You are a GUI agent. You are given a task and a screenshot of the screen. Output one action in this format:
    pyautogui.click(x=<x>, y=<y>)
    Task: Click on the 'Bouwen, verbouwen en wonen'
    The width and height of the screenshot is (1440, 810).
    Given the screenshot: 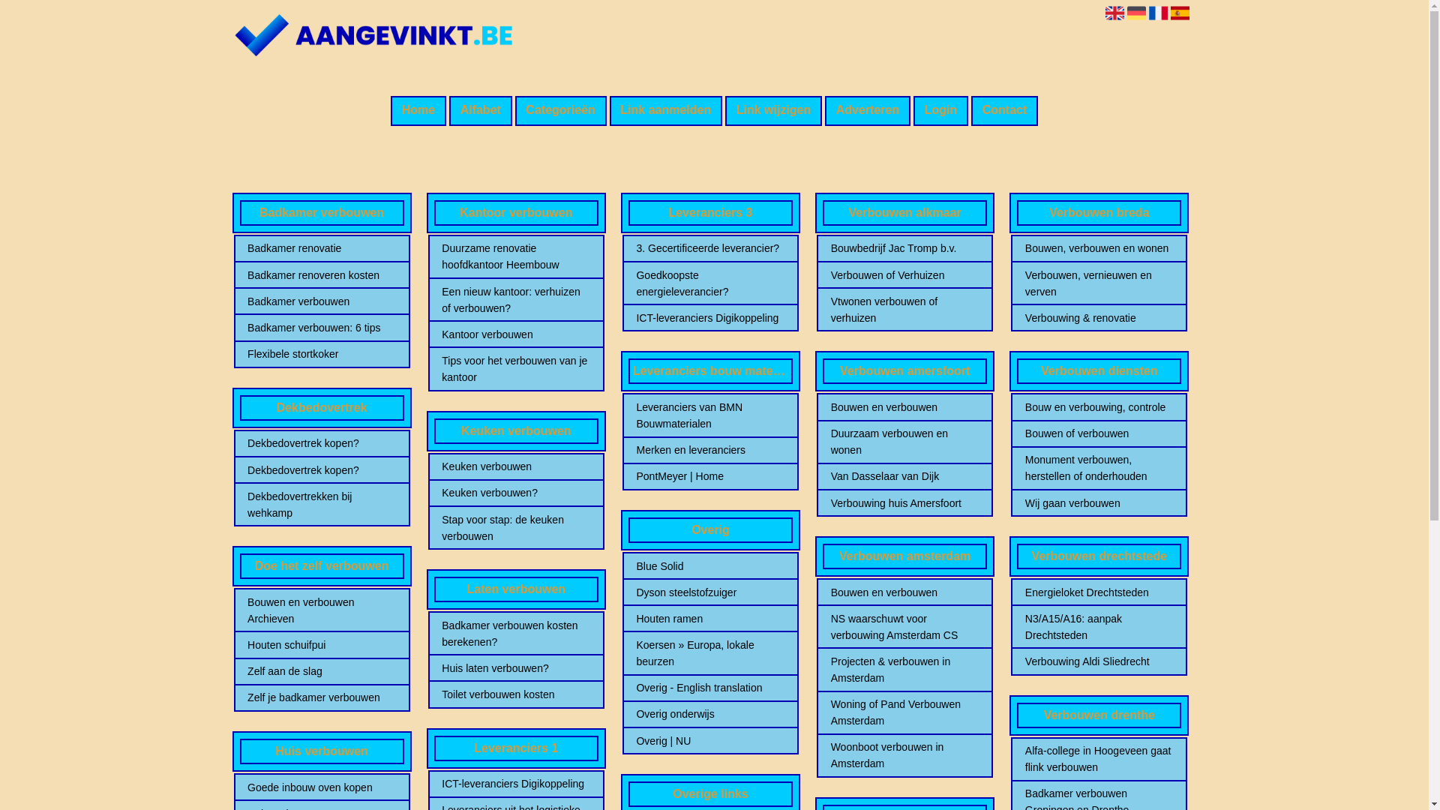 What is the action you would take?
    pyautogui.click(x=1099, y=247)
    